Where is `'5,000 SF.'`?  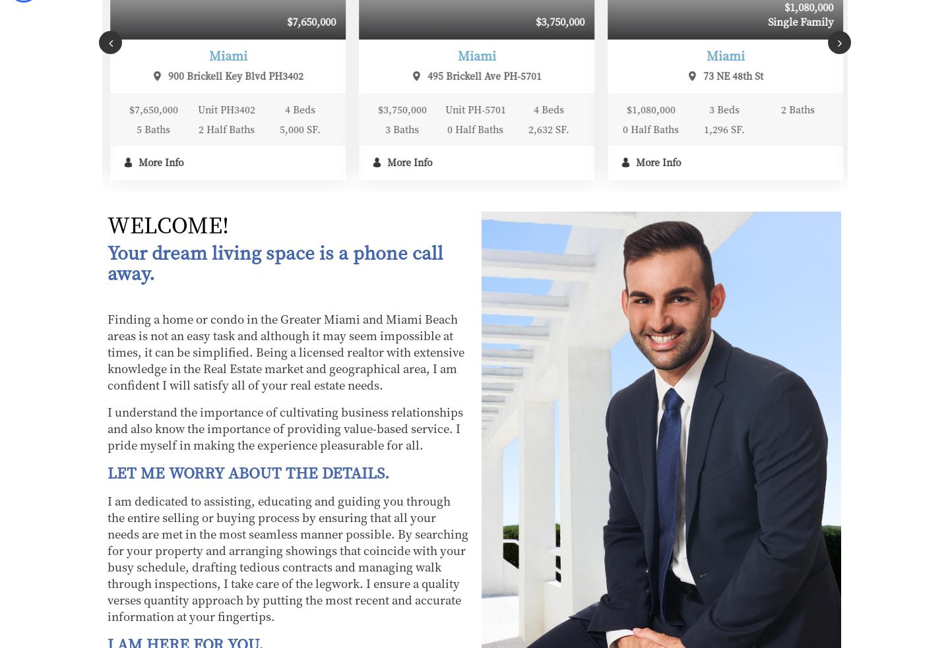
'5,000 SF.' is located at coordinates (53, 129).